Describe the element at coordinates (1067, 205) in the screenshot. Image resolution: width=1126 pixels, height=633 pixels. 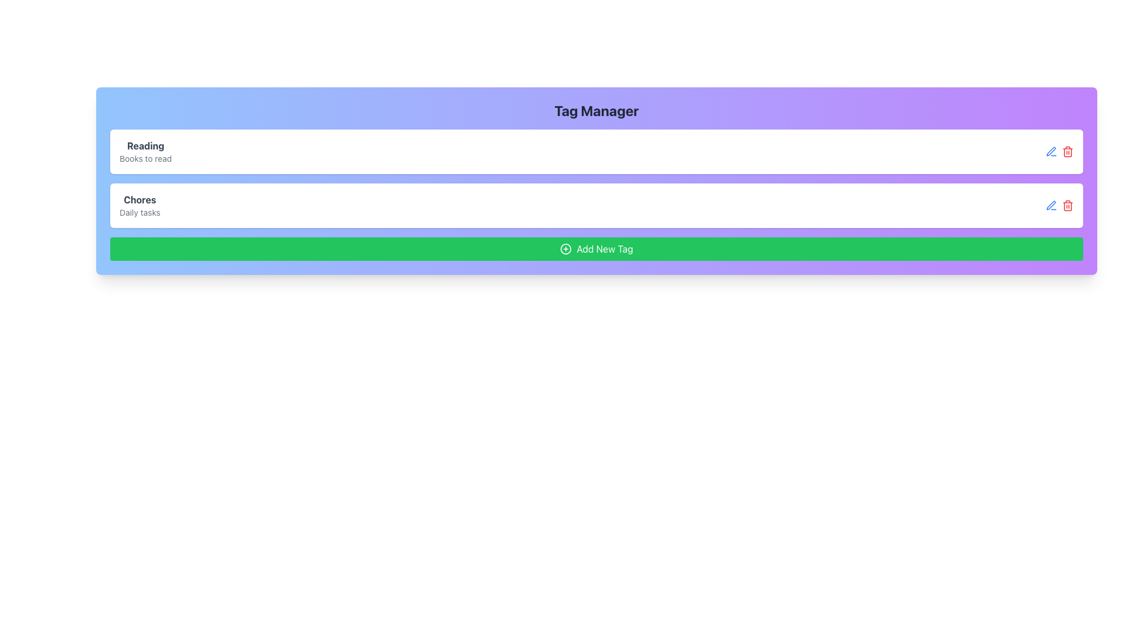
I see `the red trash bin icon button located at the end of the 'Chores' row` at that location.